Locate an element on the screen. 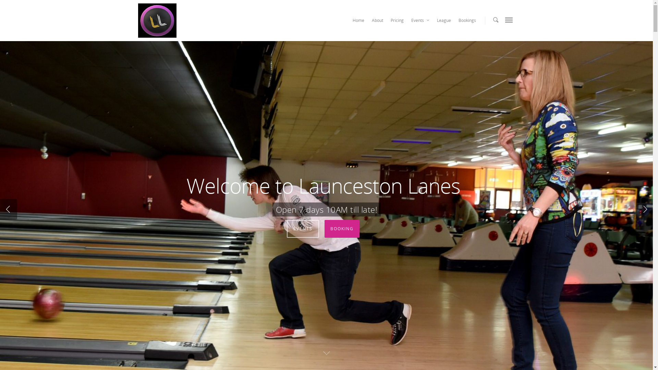 This screenshot has width=658, height=370. 'About' is located at coordinates (368, 22).